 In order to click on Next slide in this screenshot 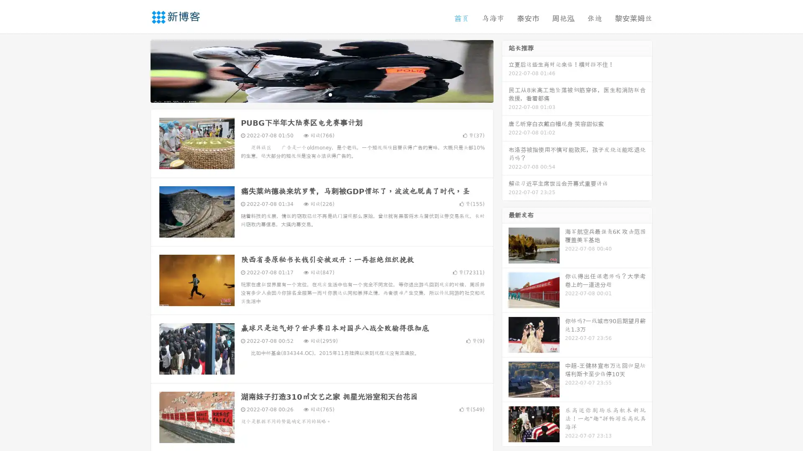, I will do `click(505, 70)`.